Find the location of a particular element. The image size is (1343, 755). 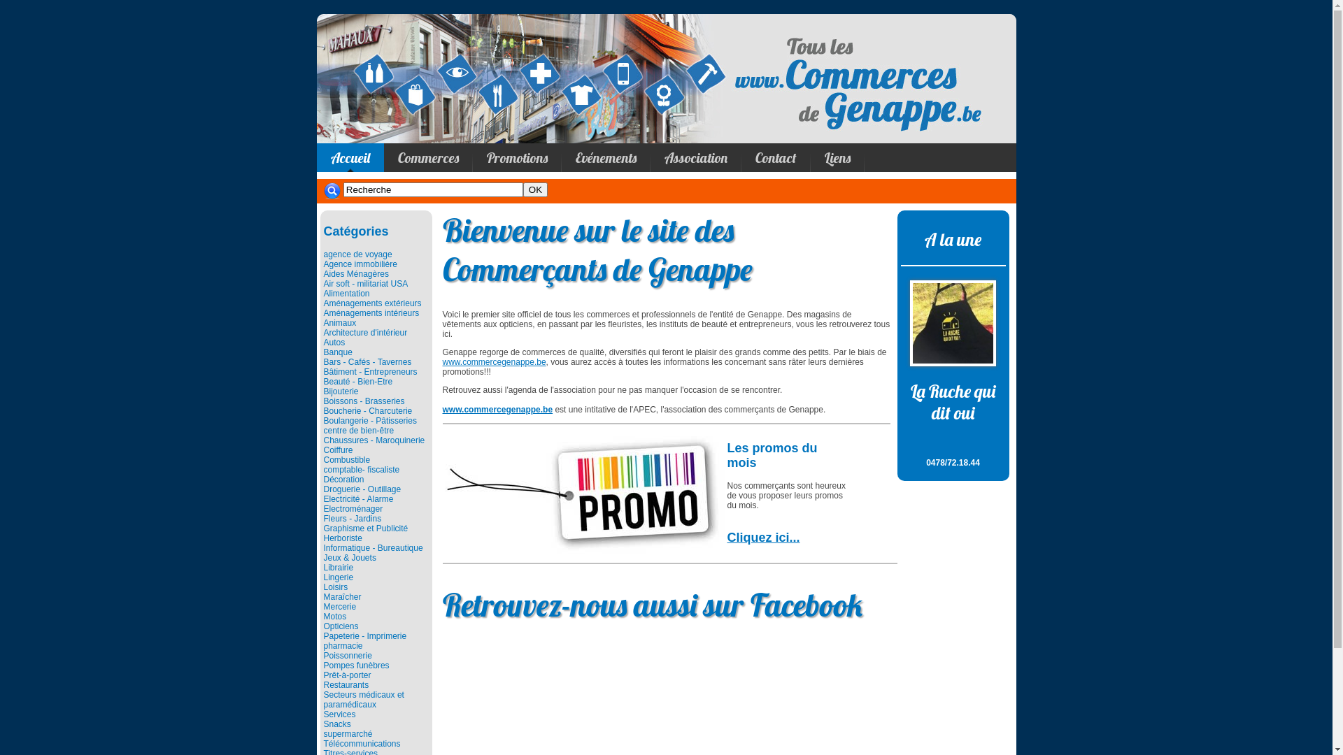

'Bijouterie' is located at coordinates (340, 391).